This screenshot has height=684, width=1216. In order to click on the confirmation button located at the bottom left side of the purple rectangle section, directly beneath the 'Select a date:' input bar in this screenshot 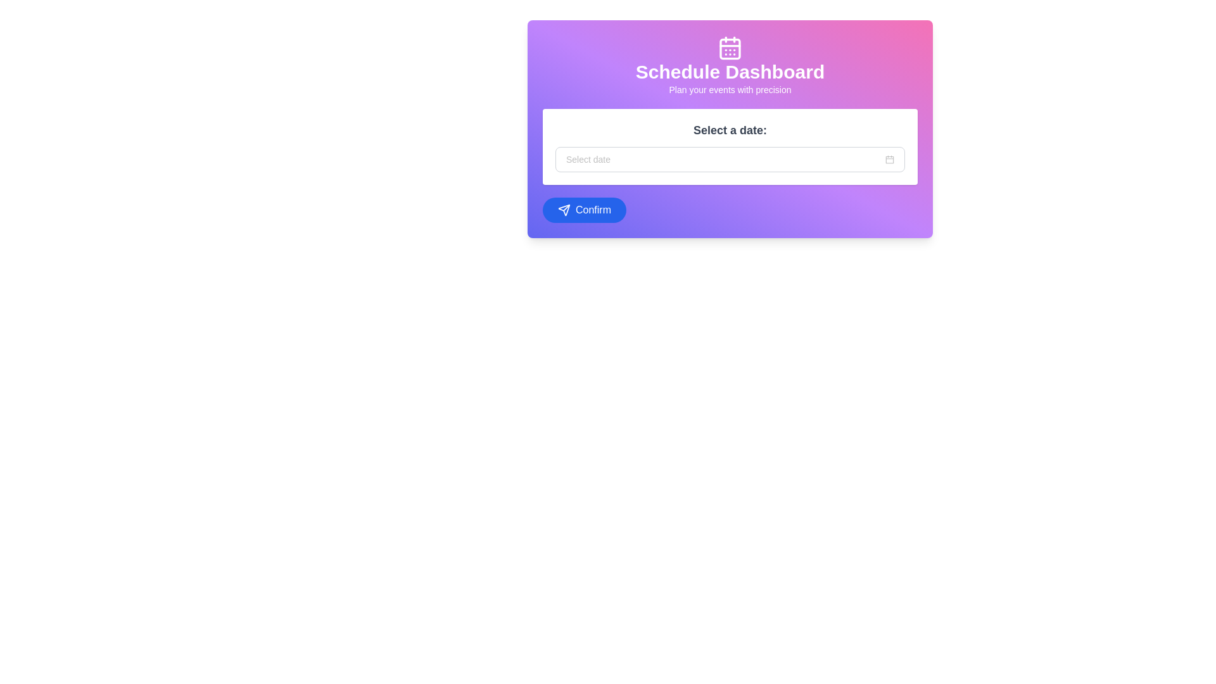, I will do `click(583, 209)`.